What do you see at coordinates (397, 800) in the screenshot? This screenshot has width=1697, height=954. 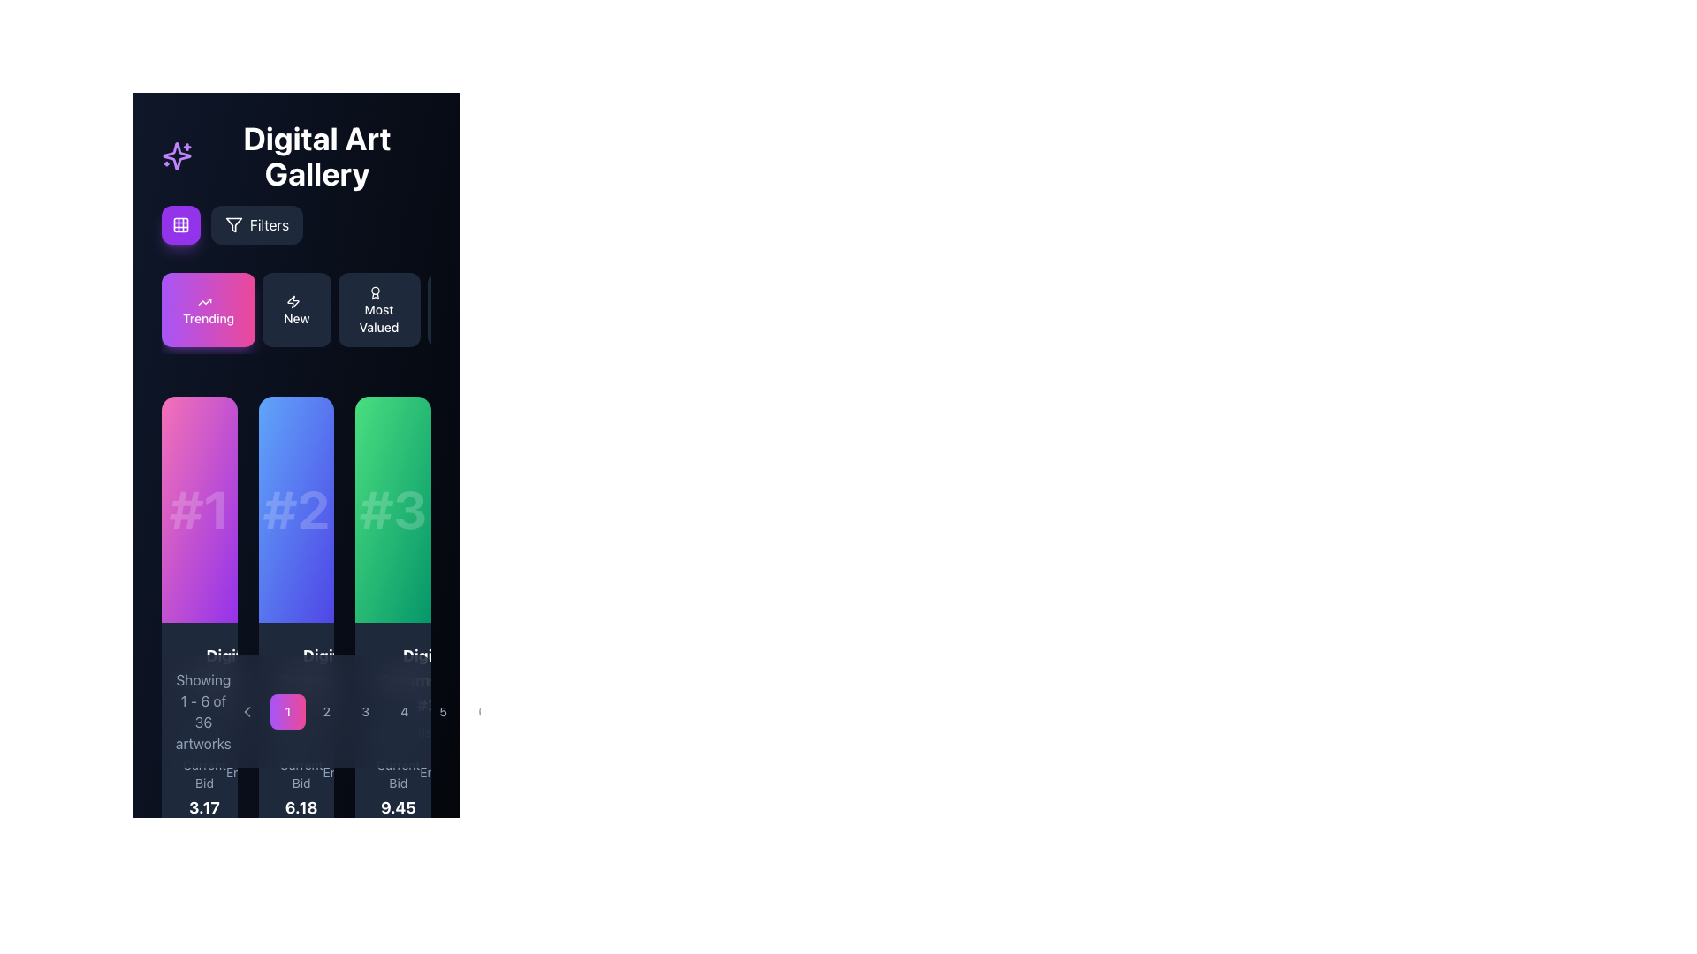 I see `the text block displaying 'Current Bid' and '9.45 ETH', which is positioned at the bottom center of the third column from the left in a dark background` at bounding box center [397, 800].